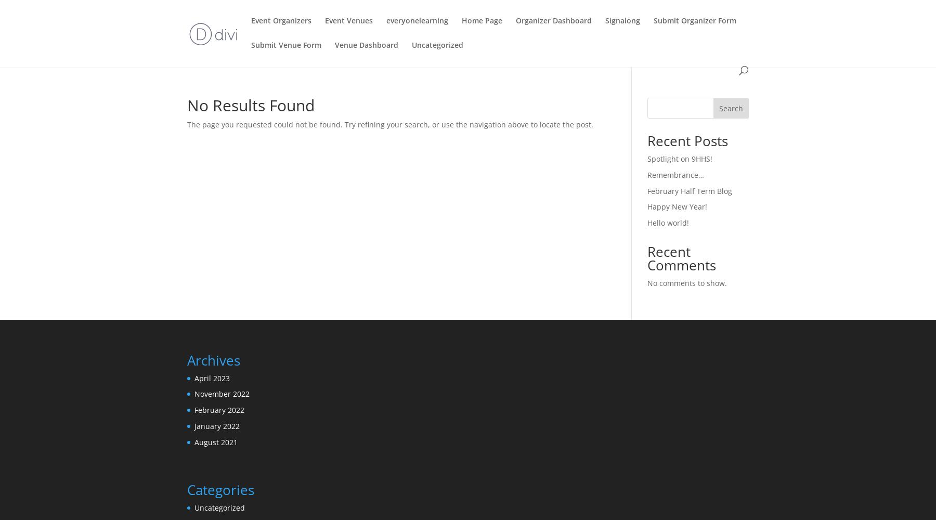 This screenshot has width=936, height=520. I want to click on 'Happy New Year!', so click(677, 206).